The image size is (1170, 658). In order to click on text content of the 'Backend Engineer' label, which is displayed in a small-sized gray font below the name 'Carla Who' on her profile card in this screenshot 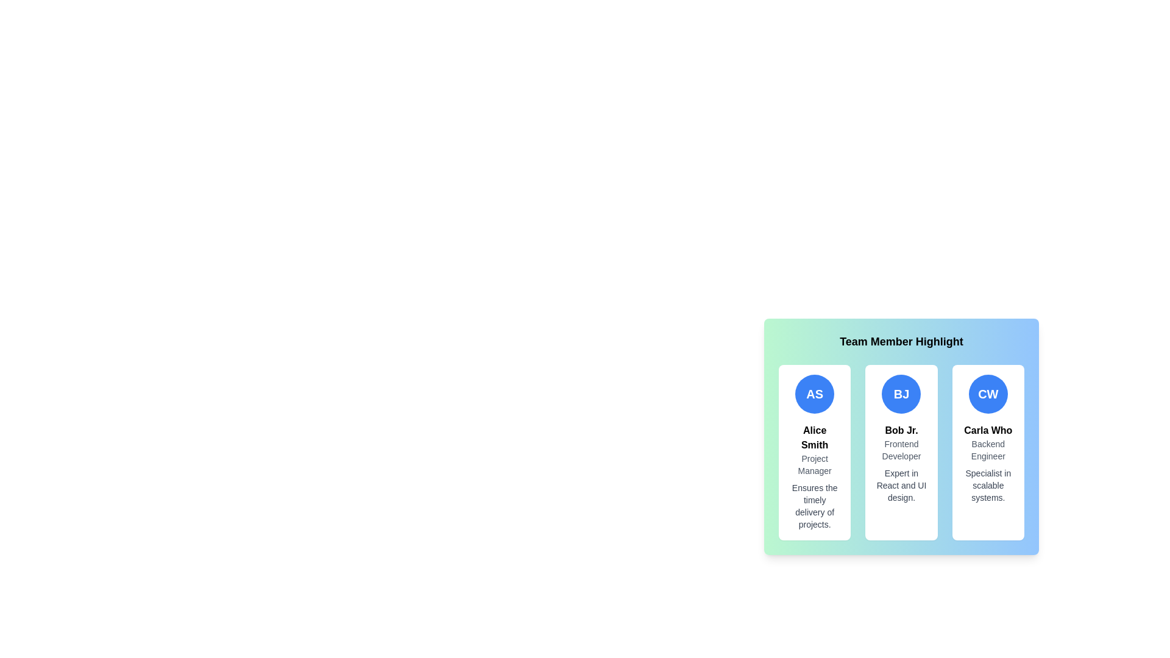, I will do `click(988, 450)`.